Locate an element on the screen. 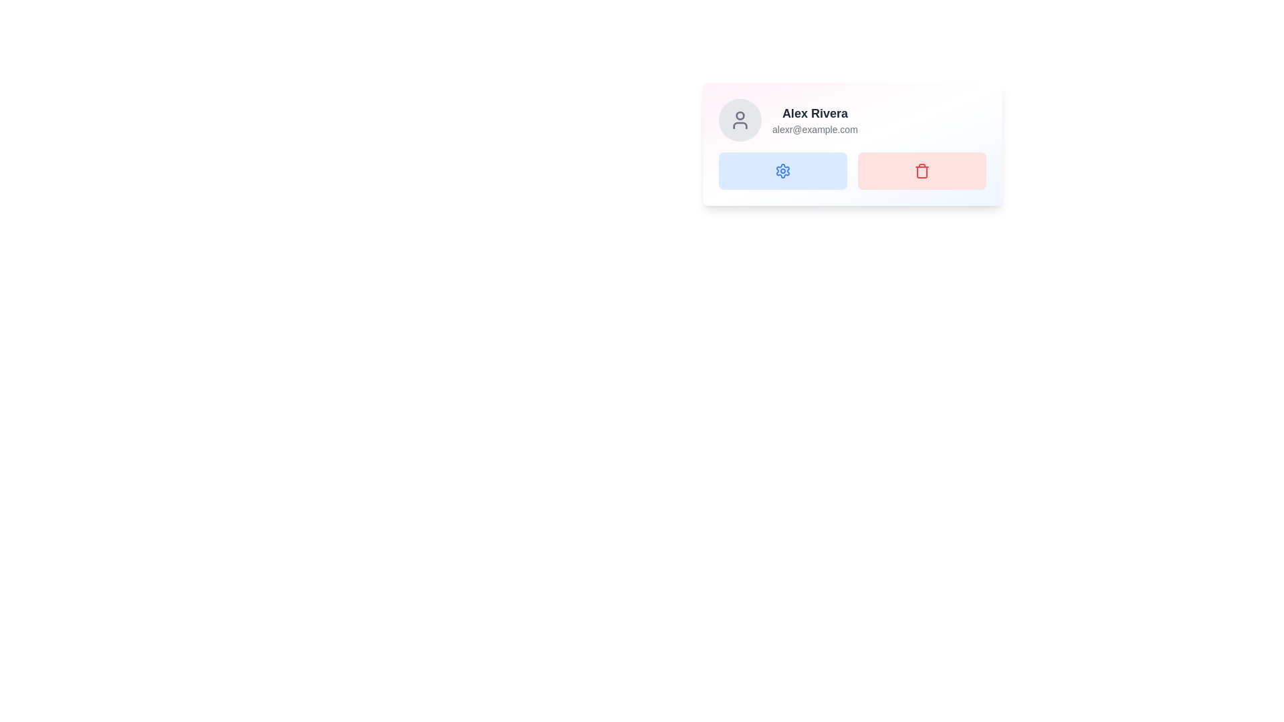  the user icon, which is a gray outline of a person within a circular area, located at the top left of a card-like component is located at coordinates (740, 120).